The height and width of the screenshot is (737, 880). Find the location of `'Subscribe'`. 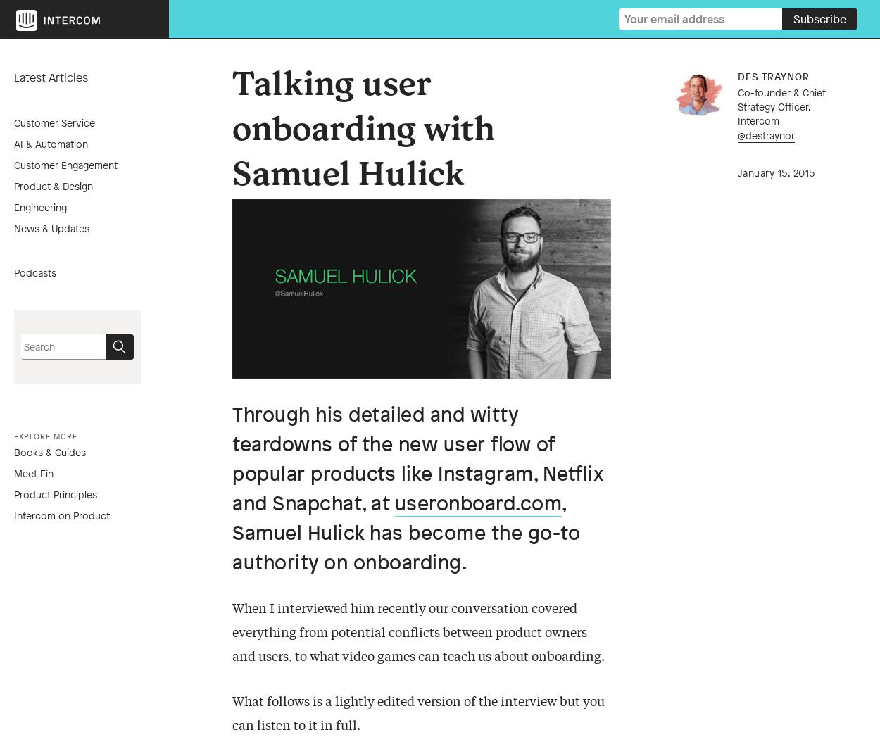

'Subscribe' is located at coordinates (819, 18).